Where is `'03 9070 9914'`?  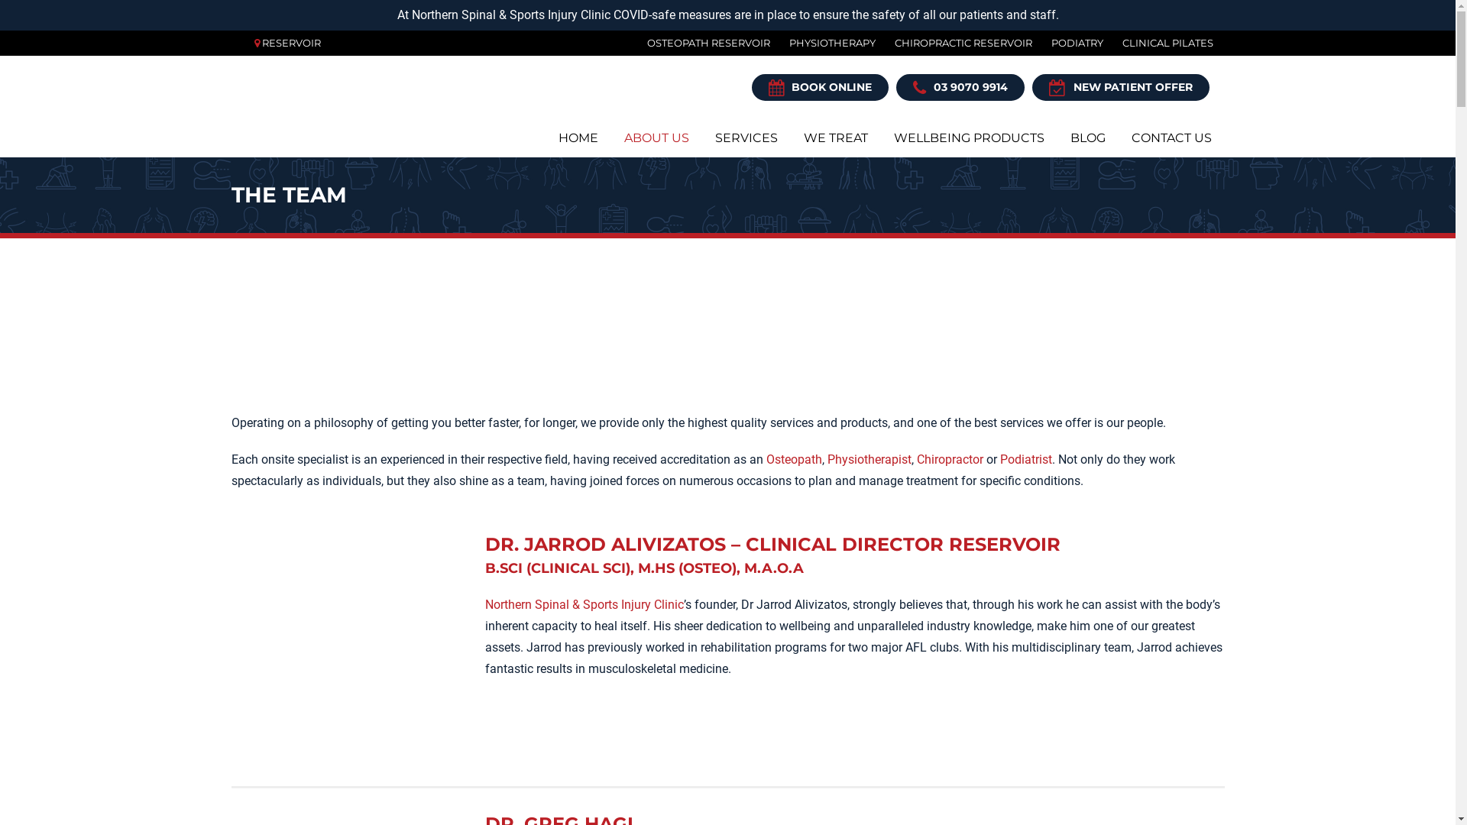
'03 9070 9914' is located at coordinates (959, 87).